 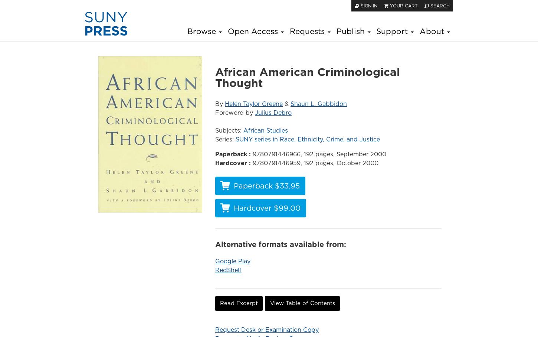 I want to click on 'Helen Taylor Greene', so click(x=253, y=103).